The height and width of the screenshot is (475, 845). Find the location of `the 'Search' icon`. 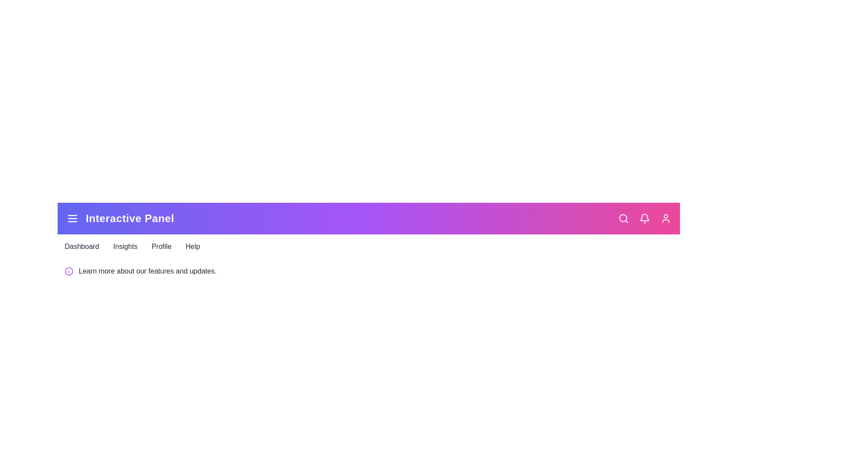

the 'Search' icon is located at coordinates (623, 218).